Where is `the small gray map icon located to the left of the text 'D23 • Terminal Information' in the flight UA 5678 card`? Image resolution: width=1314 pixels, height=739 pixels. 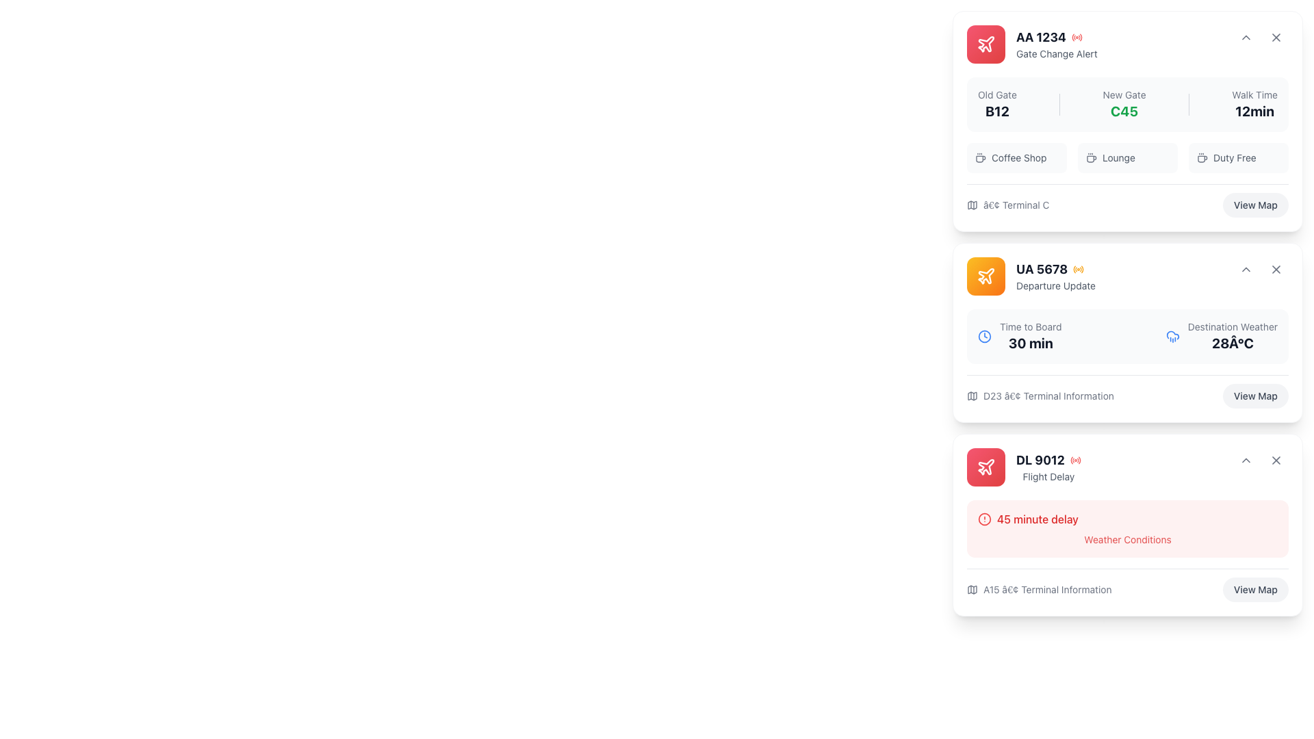 the small gray map icon located to the left of the text 'D23 • Terminal Information' in the flight UA 5678 card is located at coordinates (971, 396).